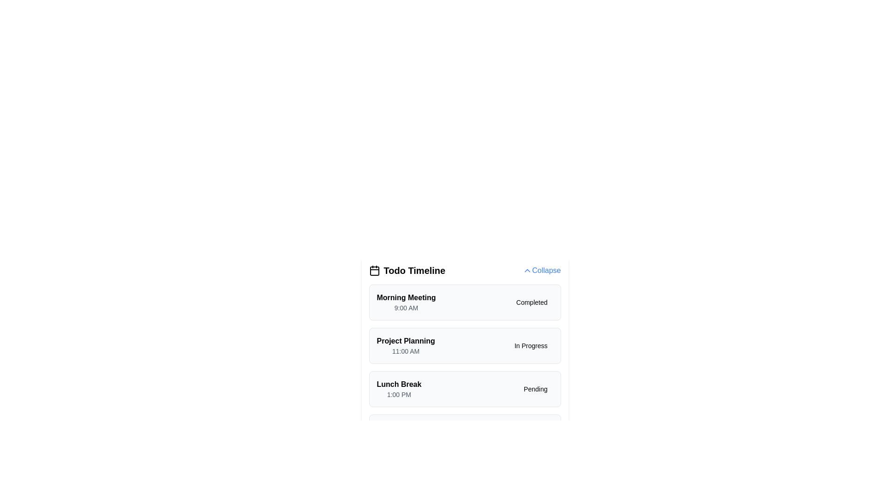 The width and height of the screenshot is (886, 498). I want to click on the rectangular vector graphic within the calendar icon located at the top-left corner of the 'Todo Timeline' header, so click(374, 270).